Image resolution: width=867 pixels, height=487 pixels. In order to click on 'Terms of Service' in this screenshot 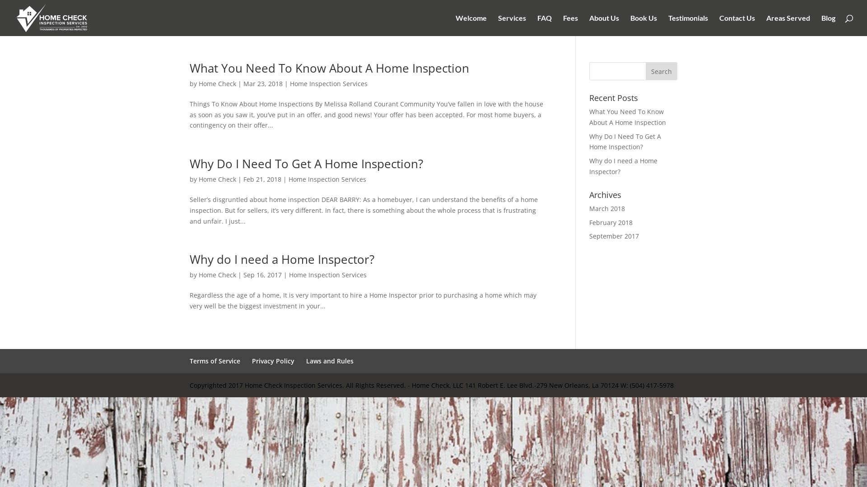, I will do `click(214, 360)`.